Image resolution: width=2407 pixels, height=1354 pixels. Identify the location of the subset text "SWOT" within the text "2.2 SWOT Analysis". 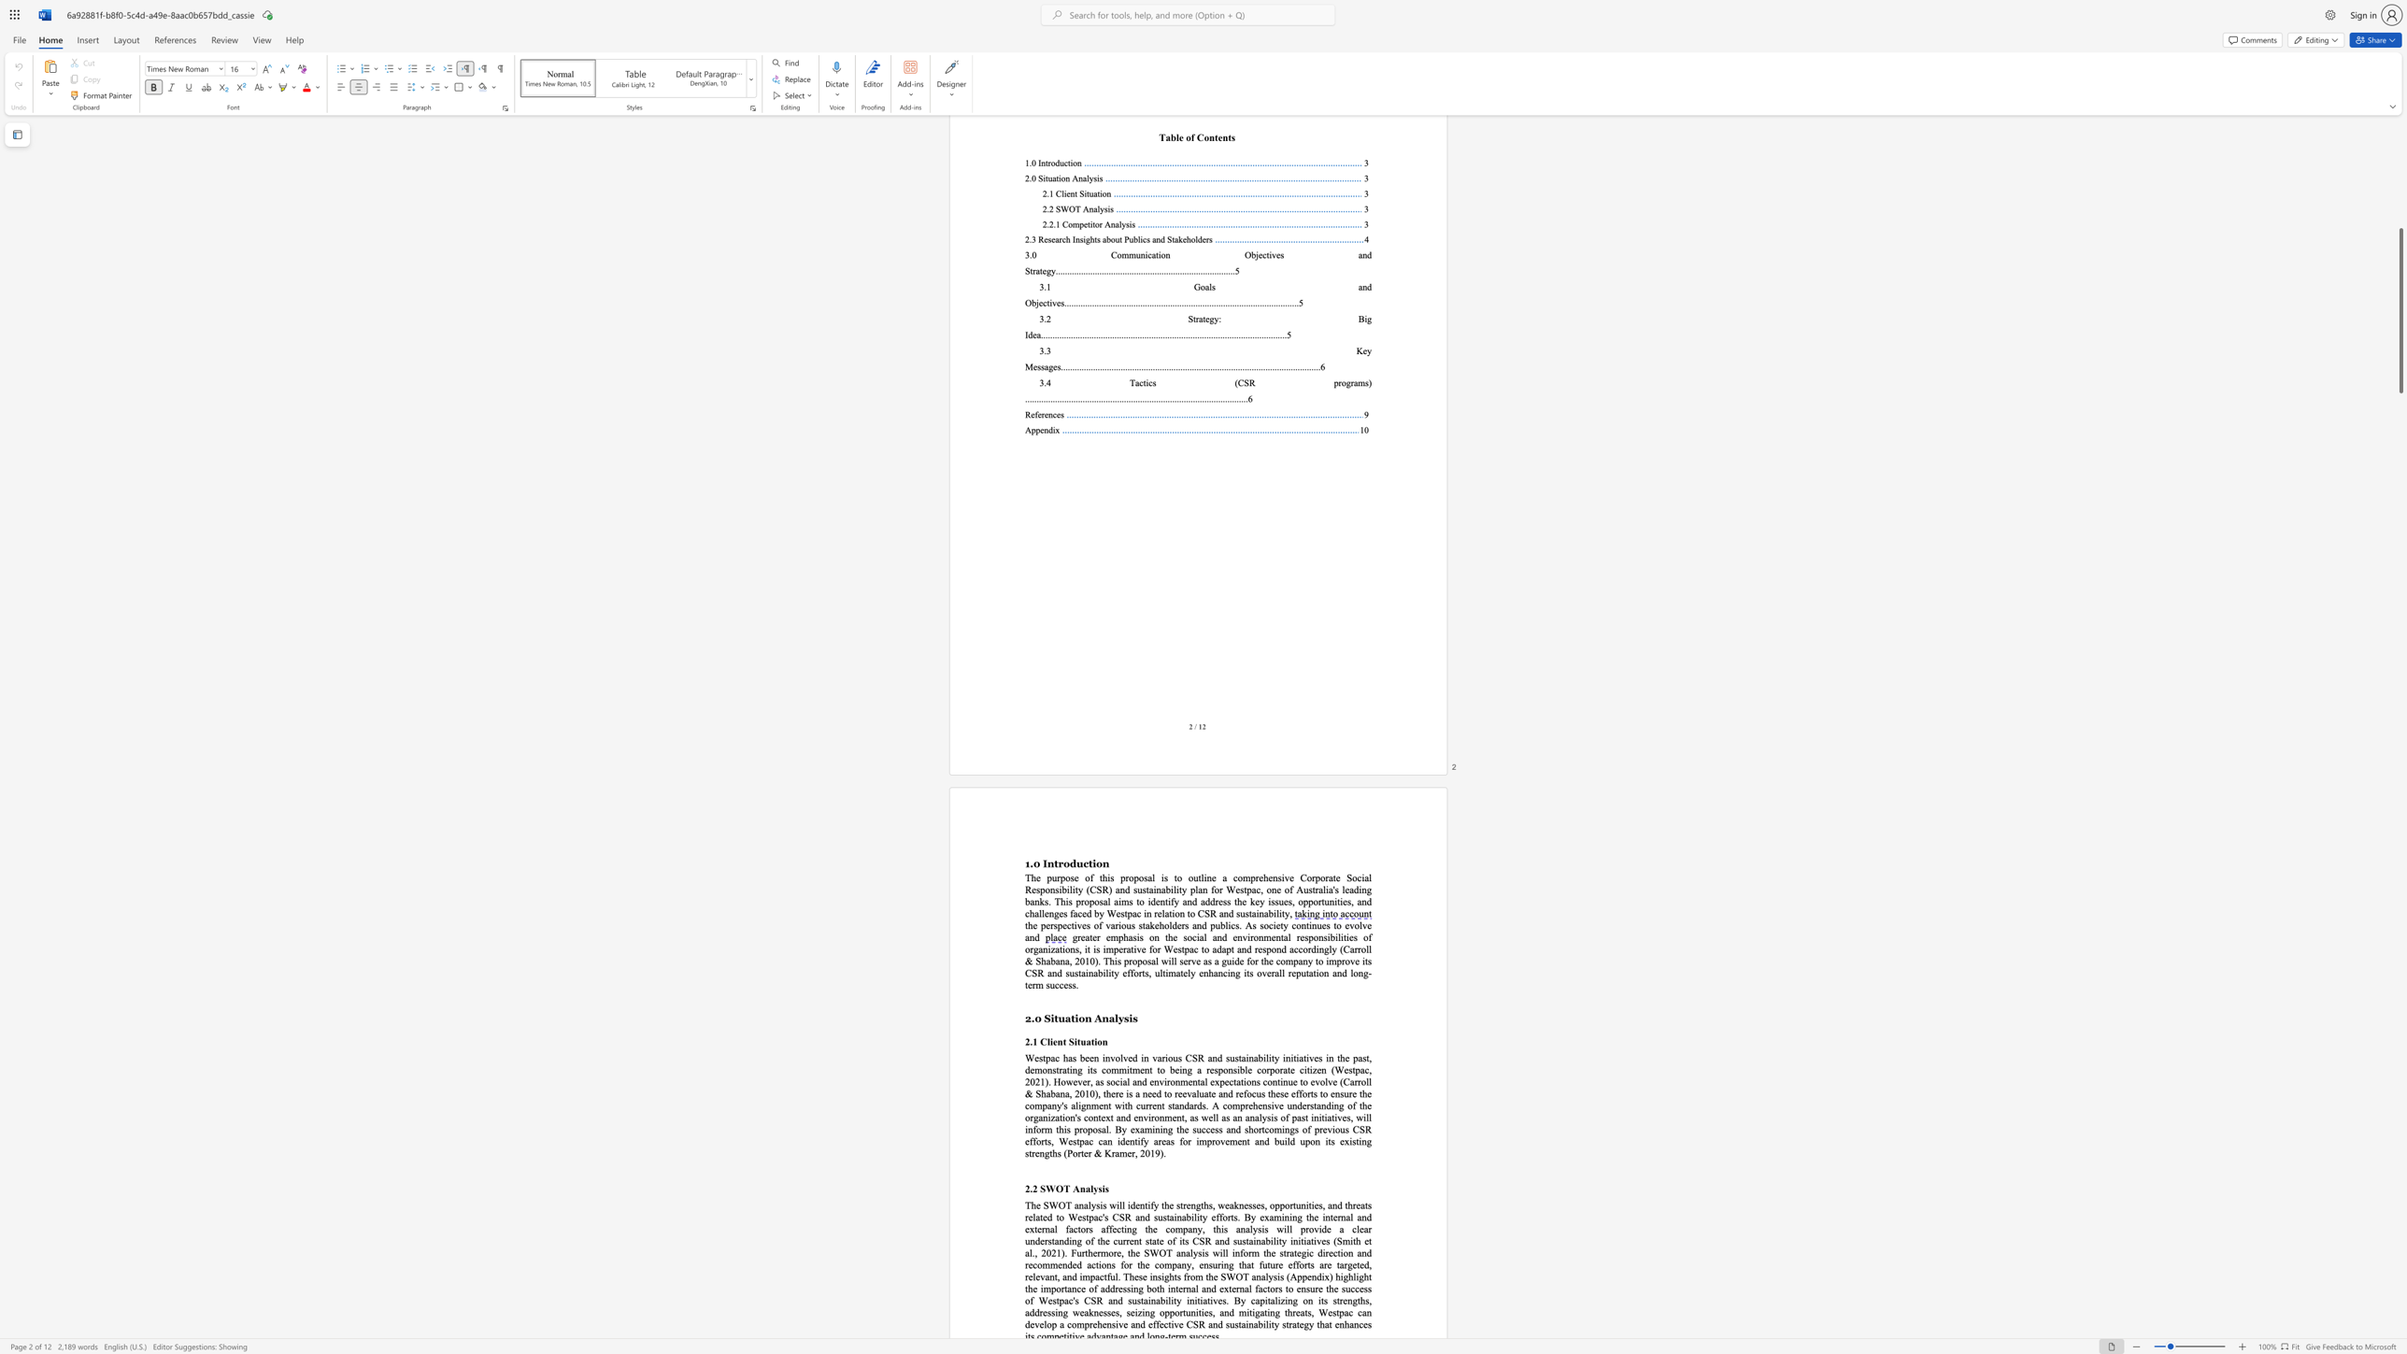
(1039, 1188).